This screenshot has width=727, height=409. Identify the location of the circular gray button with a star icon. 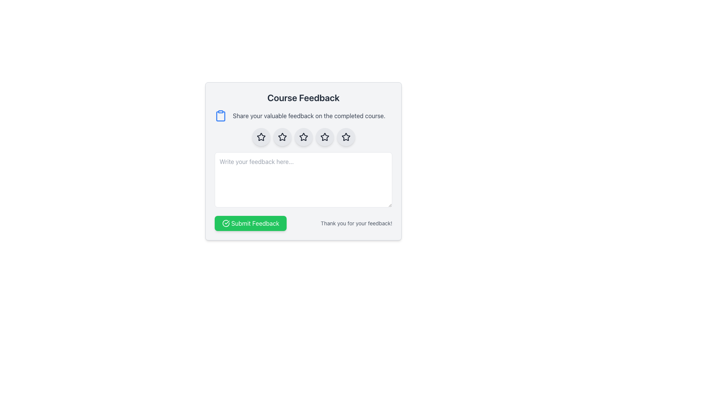
(324, 137).